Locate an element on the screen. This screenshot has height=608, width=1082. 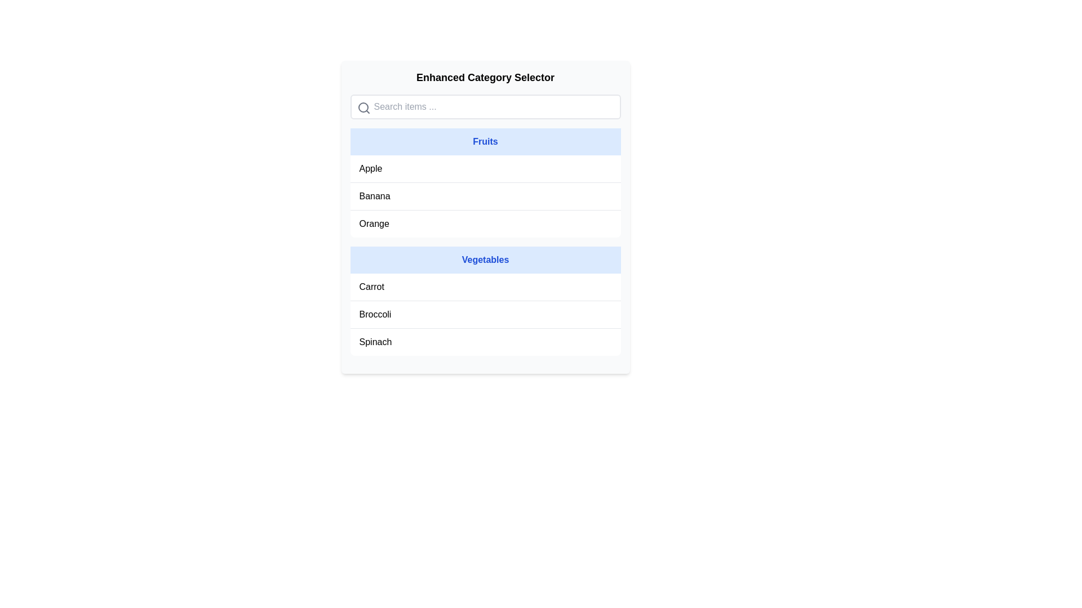
the selectable option labeled 'Banana' which is the second item in the 'Fruits' category list is located at coordinates (485, 196).